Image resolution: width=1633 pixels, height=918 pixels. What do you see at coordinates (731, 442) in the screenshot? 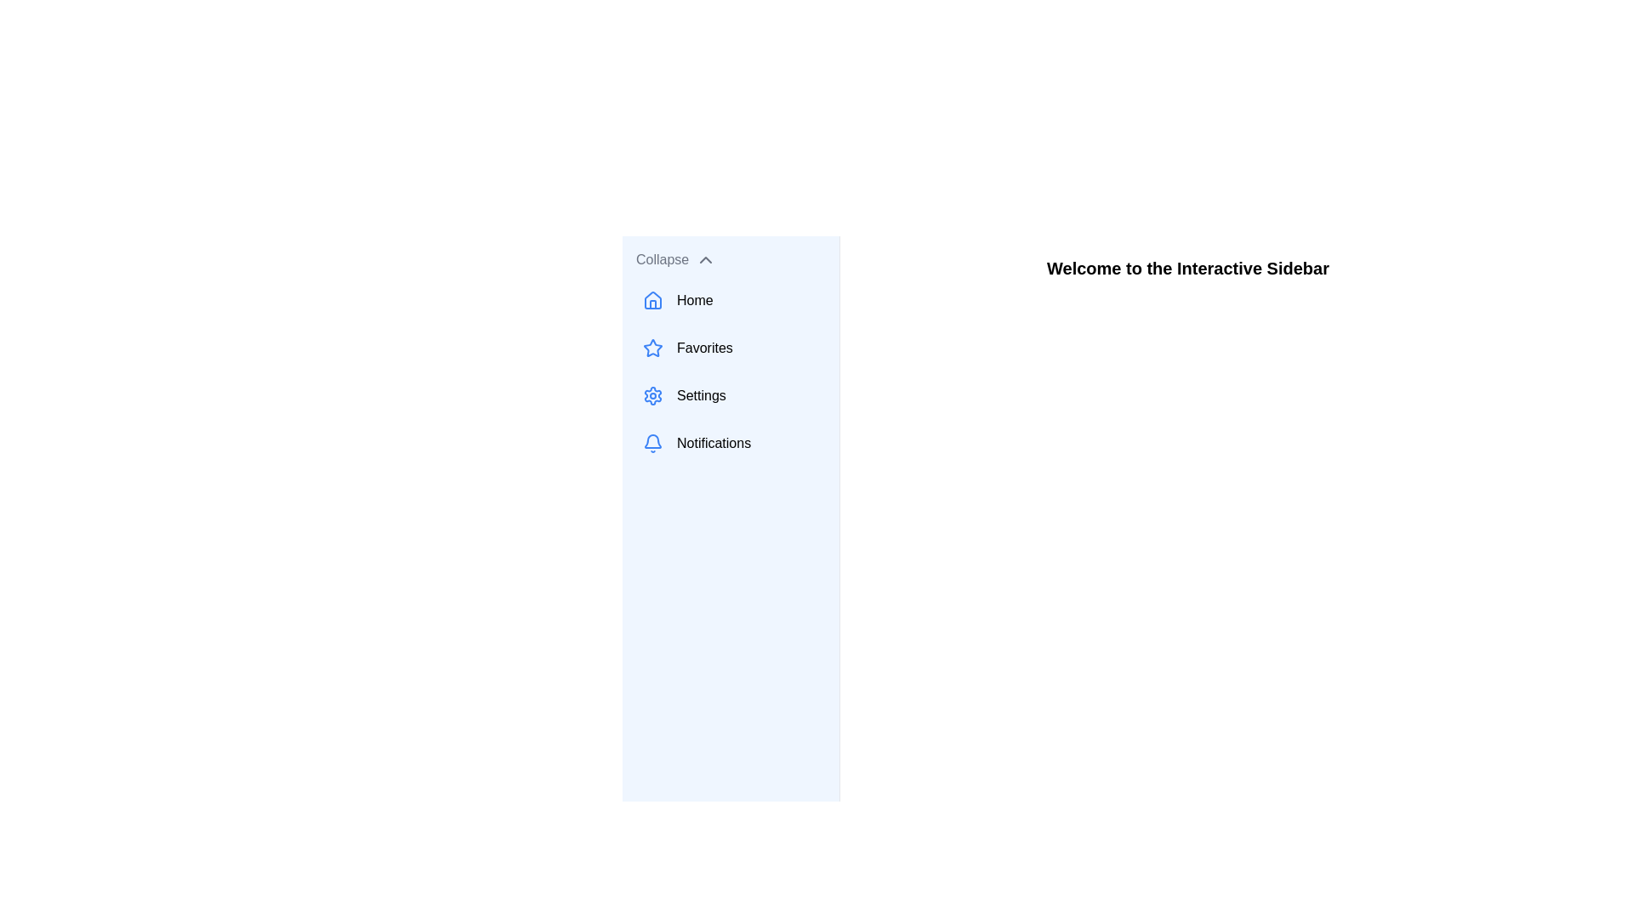
I see `the 'Notifications' navigation link located in the sidebar, which is the fourth item in a vertical list` at bounding box center [731, 442].